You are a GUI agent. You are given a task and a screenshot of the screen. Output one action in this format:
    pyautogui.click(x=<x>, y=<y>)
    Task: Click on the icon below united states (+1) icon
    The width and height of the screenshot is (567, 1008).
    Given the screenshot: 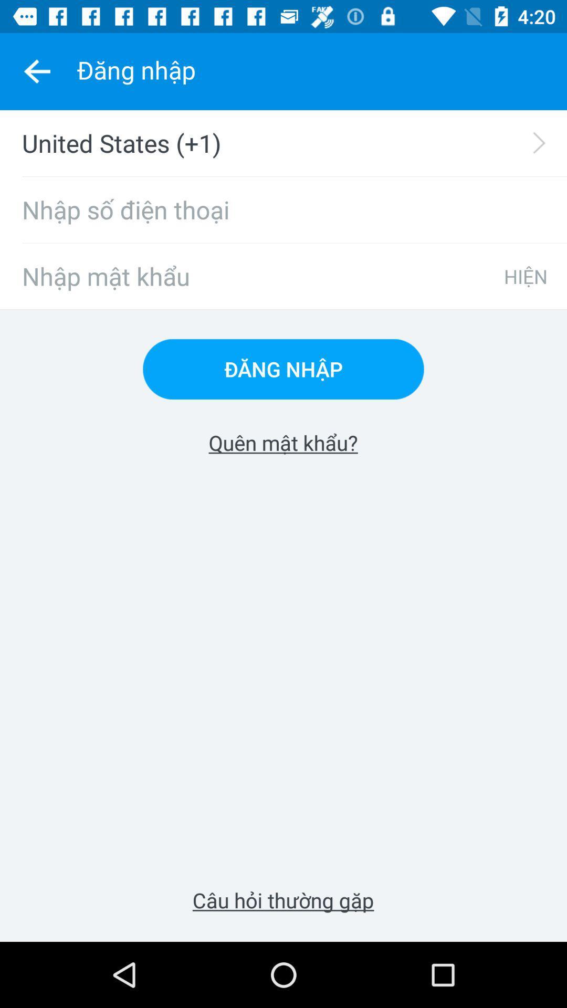 What is the action you would take?
    pyautogui.click(x=283, y=209)
    